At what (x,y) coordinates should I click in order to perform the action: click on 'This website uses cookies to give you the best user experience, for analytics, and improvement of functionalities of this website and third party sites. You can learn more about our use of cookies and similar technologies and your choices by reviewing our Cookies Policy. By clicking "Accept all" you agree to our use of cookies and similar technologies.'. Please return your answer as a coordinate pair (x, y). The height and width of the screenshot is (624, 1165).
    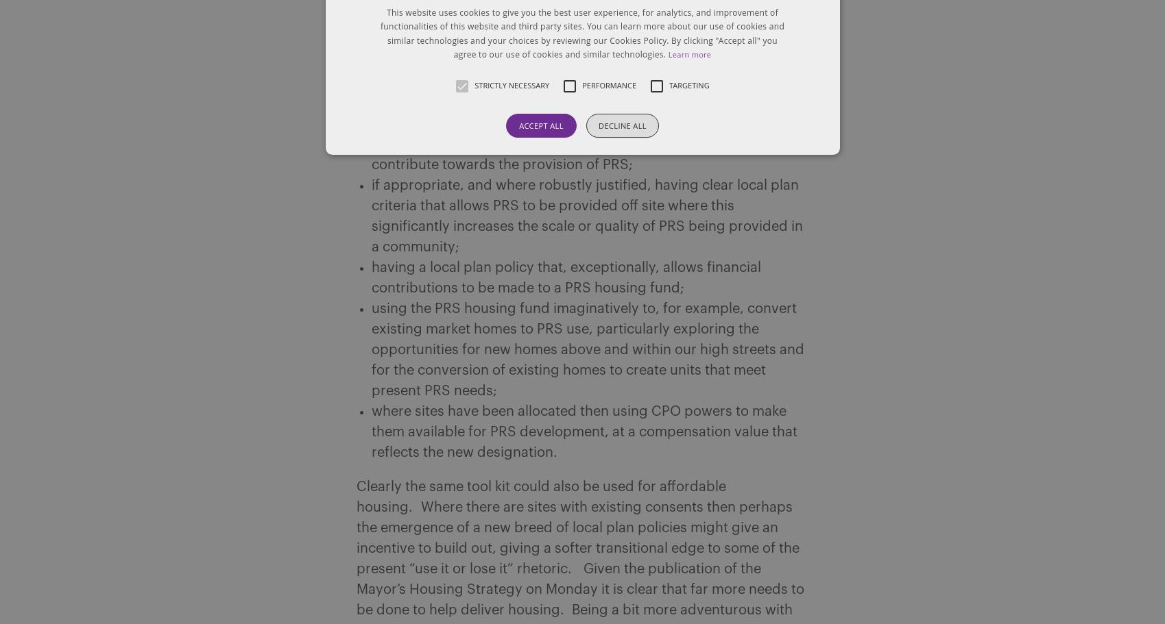
    Looking at the image, I should click on (379, 33).